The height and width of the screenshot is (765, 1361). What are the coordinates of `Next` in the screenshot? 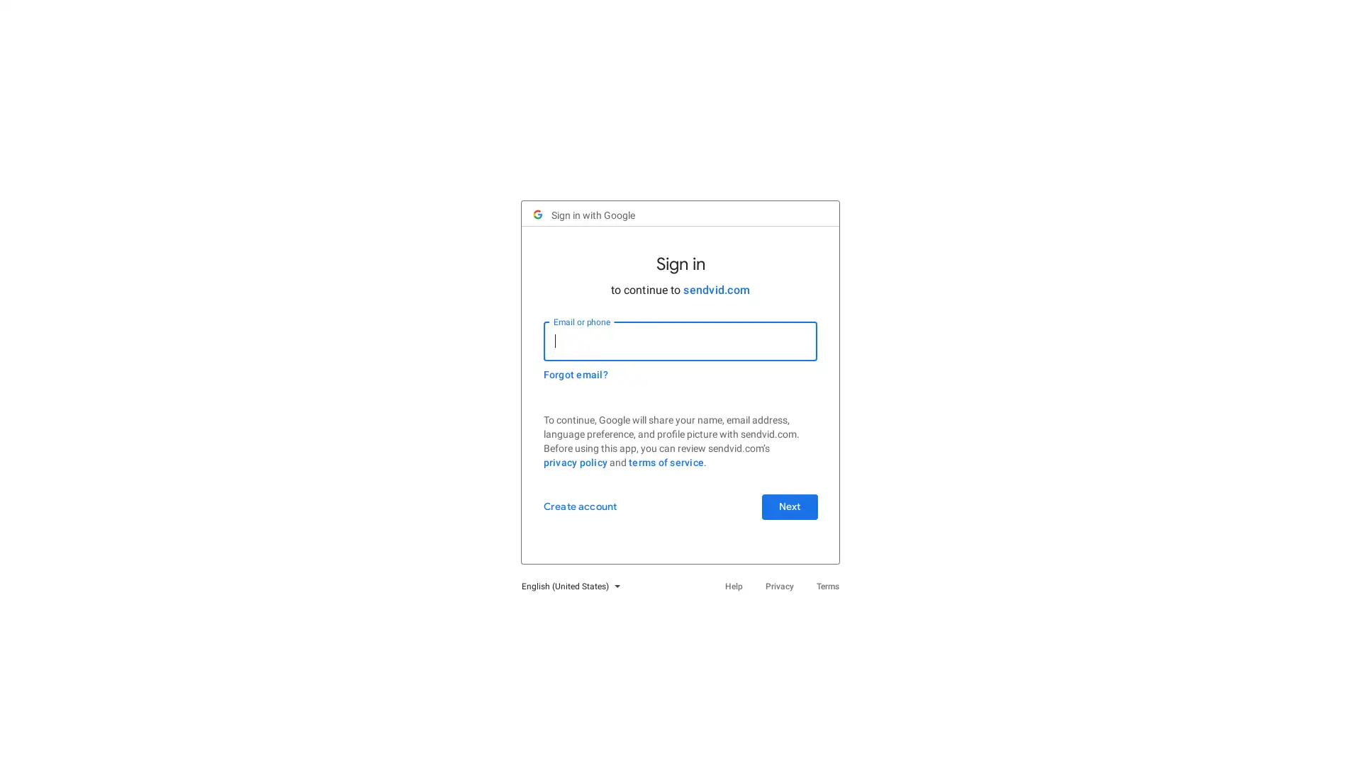 It's located at (782, 511).